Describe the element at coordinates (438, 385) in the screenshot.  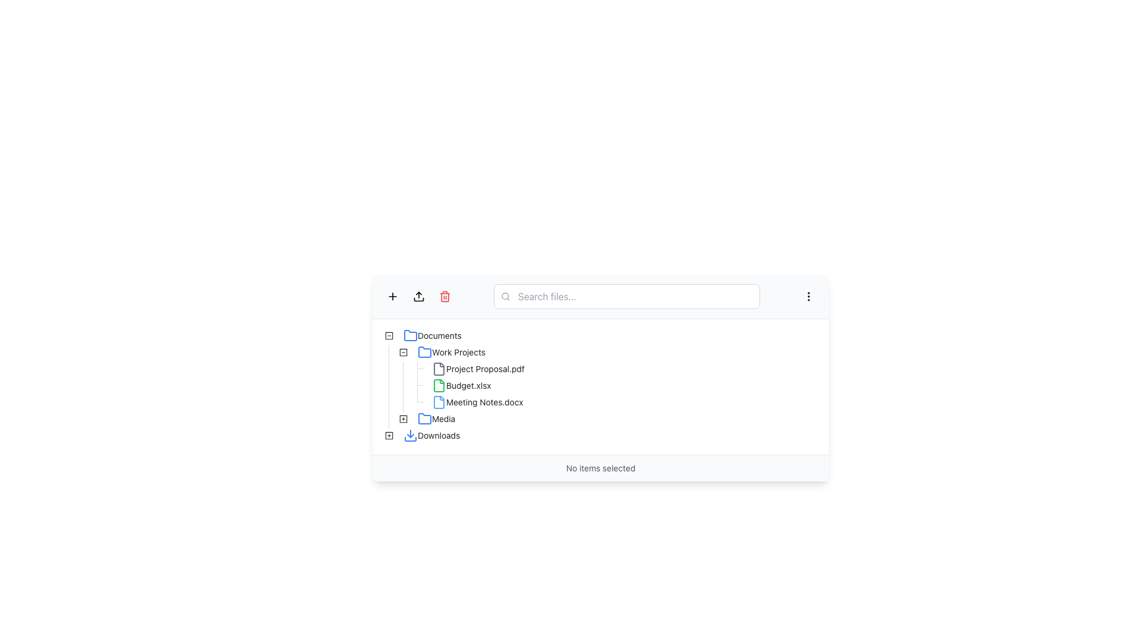
I see `the 'Budget.xlsx' file node in the tree view` at that location.